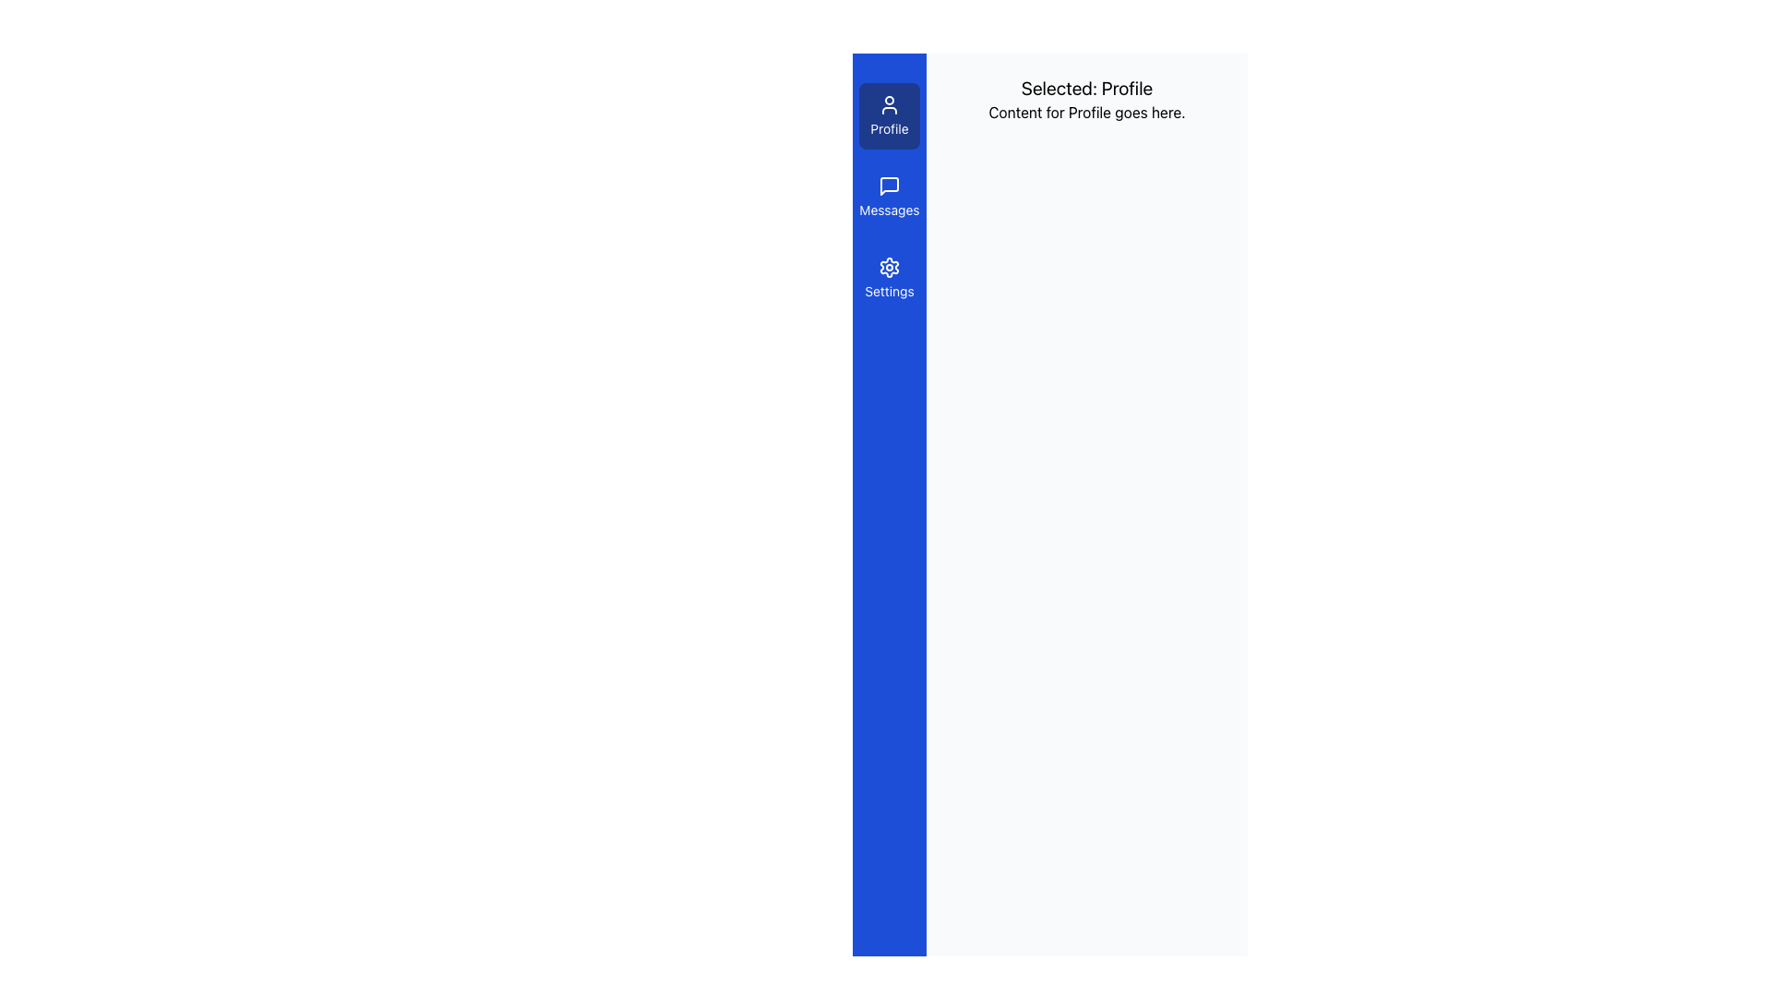  I want to click on the user profile icon, which is a circular head and shoulders silhouette with white strokes on a blue background, located in the vertical navigation bar above 'Messages', so click(890, 105).